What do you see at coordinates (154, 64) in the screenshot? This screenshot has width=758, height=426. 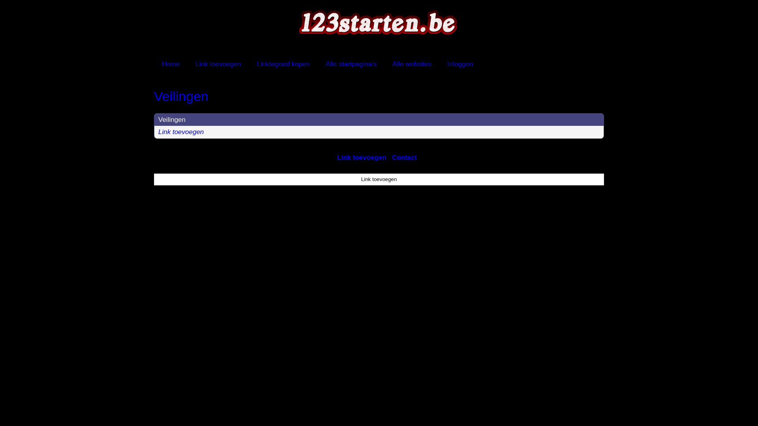 I see `'Home'` at bounding box center [154, 64].